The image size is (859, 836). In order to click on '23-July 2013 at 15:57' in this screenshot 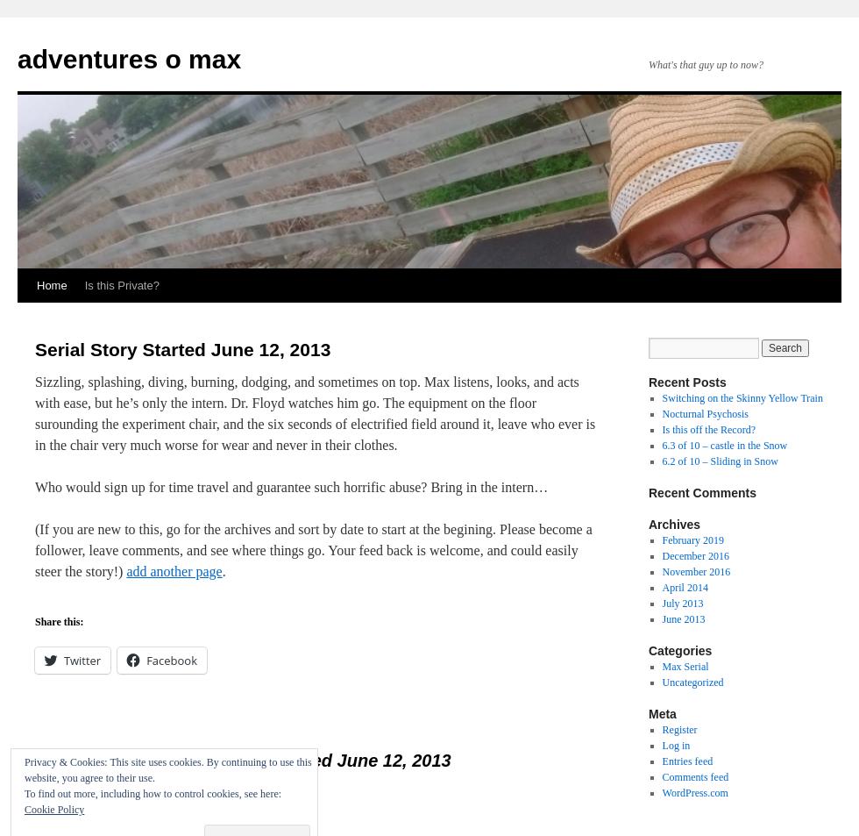, I will do `click(84, 826)`.